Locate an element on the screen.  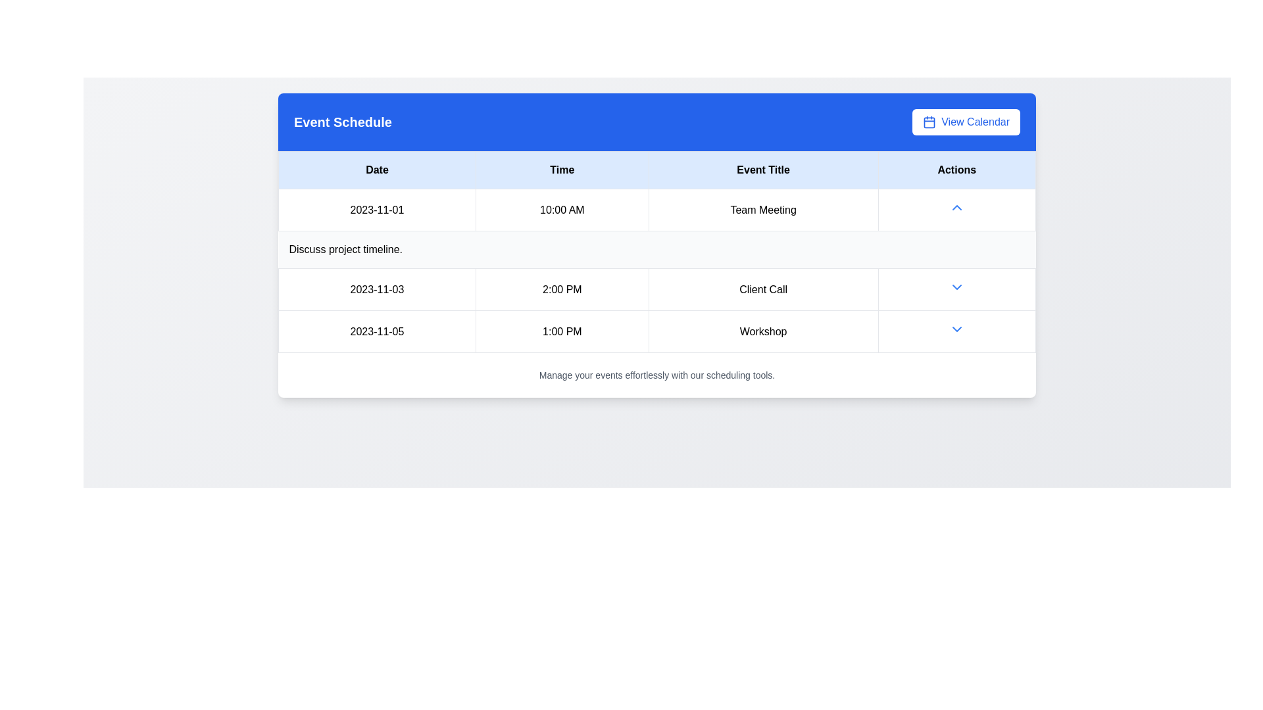
the static text display that shows the date of the corresponding event in the schedule, located in the first row of the 'Date' column in the data table is located at coordinates (376, 209).